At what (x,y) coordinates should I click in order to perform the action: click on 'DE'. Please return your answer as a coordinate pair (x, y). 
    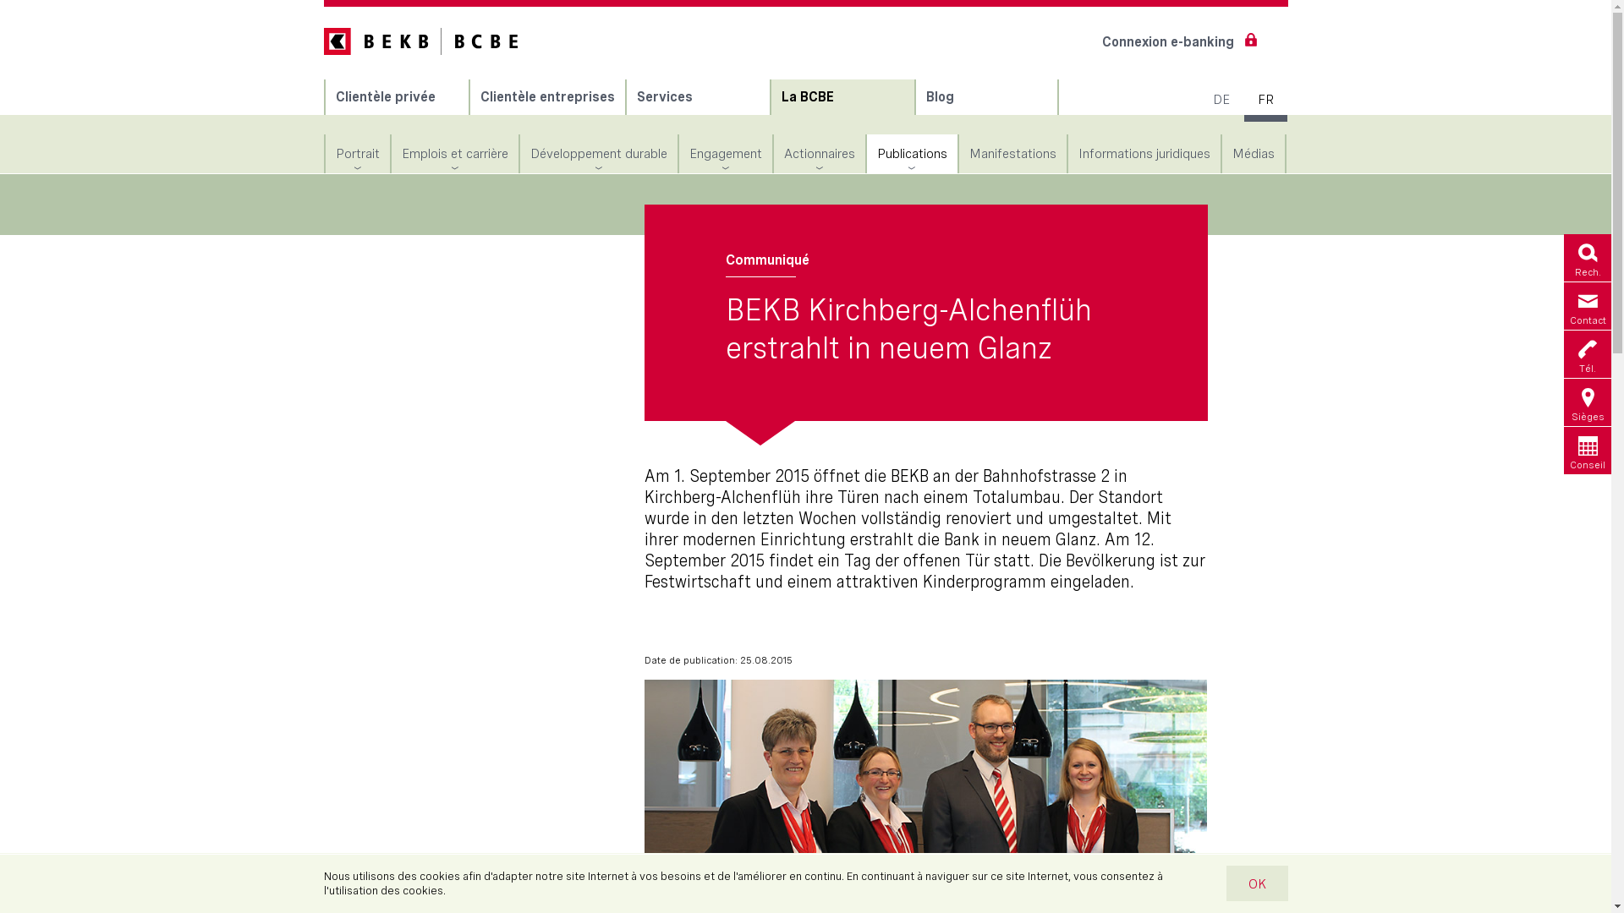
    Looking at the image, I should click on (1218, 100).